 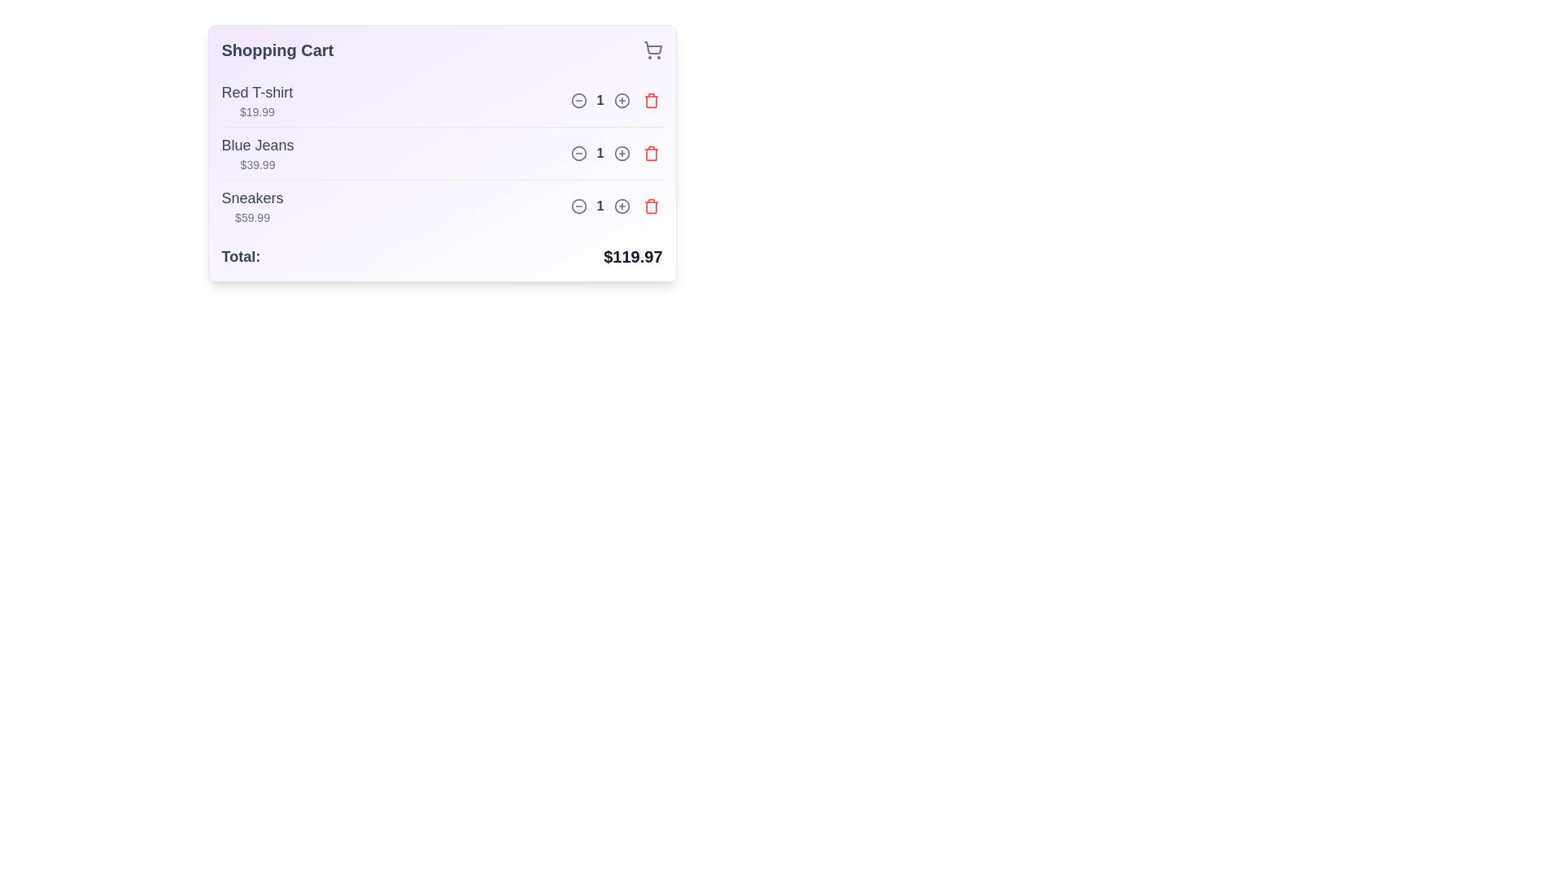 What do you see at coordinates (651, 100) in the screenshot?
I see `the delete button for the 'Red T-shirt' item in the shopping cart, which is the third interactive element on the right side of the item row` at bounding box center [651, 100].